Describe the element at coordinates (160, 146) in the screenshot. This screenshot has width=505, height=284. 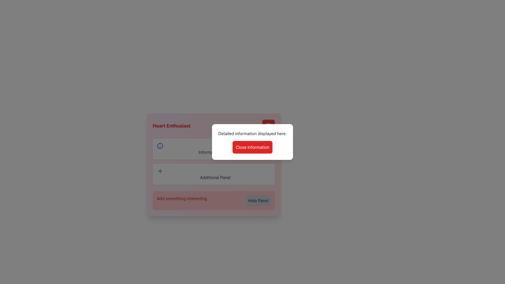
I see `the information icon, which is a blue circle with a lowercase 'i' in the center, located in the 'Information Panel' box` at that location.